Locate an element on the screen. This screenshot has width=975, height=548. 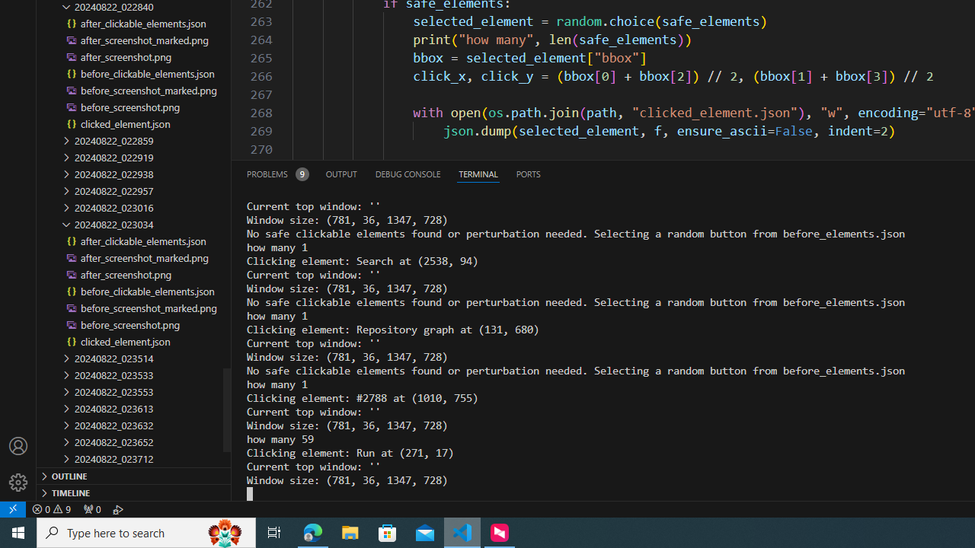
'Terminal (Ctrl+`)' is located at coordinates (477, 173).